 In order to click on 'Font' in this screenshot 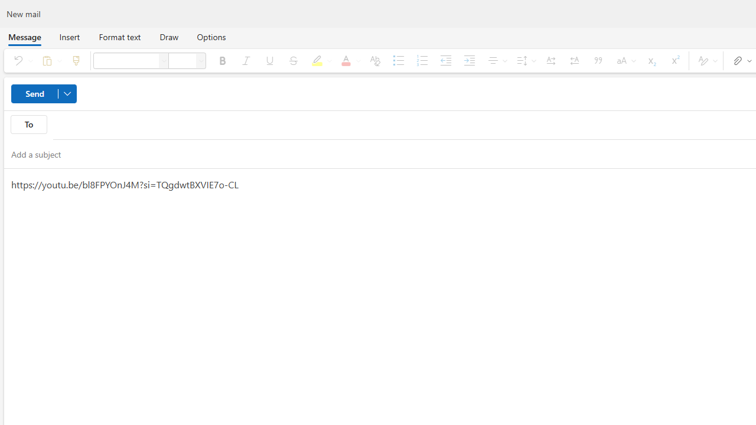, I will do `click(163, 60)`.